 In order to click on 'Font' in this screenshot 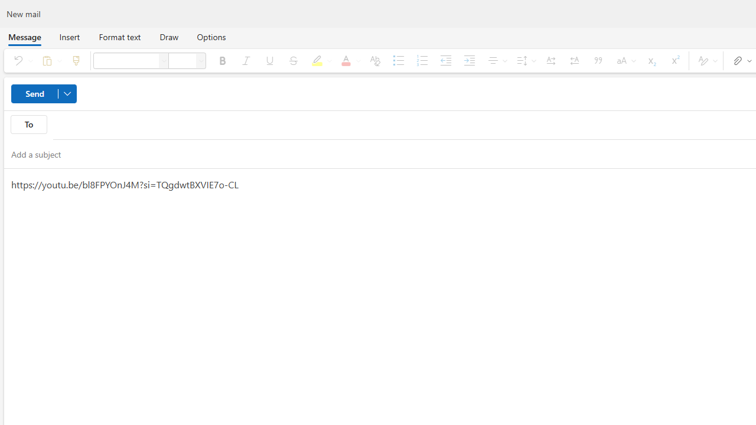, I will do `click(163, 60)`.